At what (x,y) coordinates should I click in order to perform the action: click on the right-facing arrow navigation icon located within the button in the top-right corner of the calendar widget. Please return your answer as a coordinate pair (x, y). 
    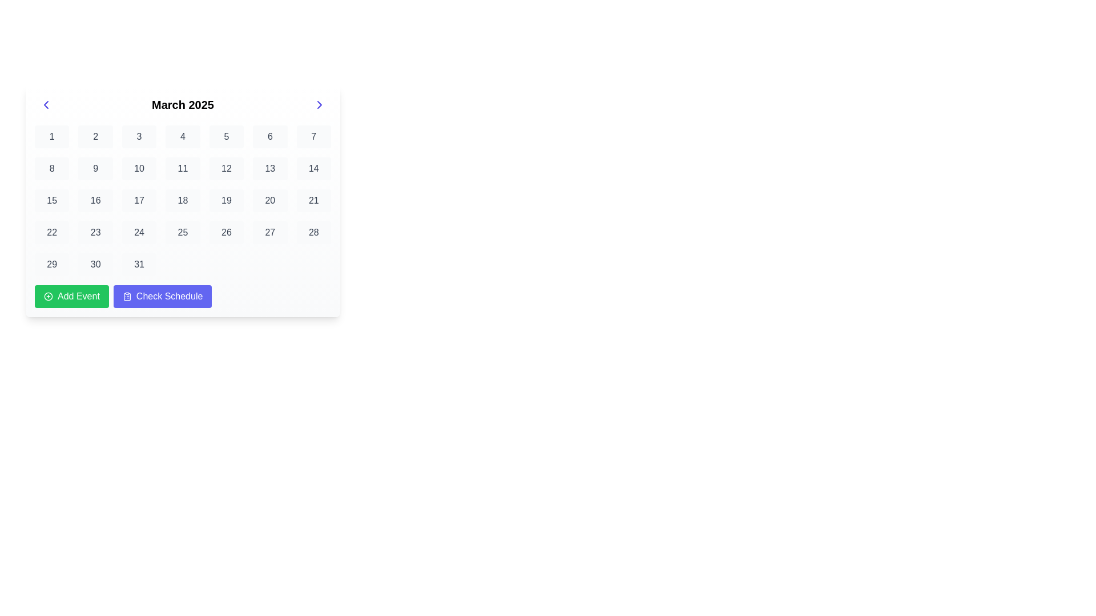
    Looking at the image, I should click on (320, 105).